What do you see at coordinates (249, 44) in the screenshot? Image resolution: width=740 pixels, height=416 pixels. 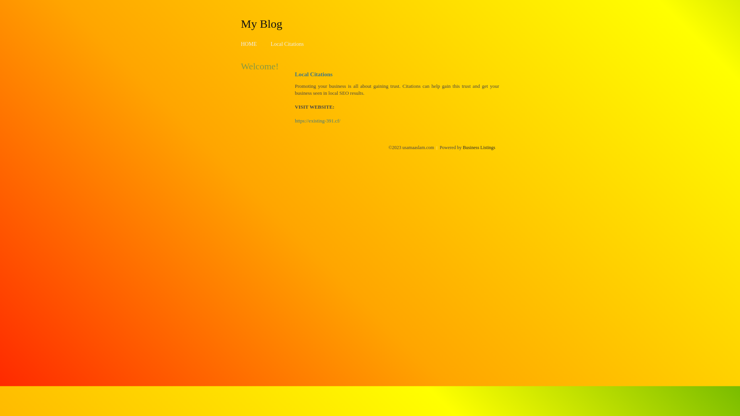 I see `'HOME'` at bounding box center [249, 44].